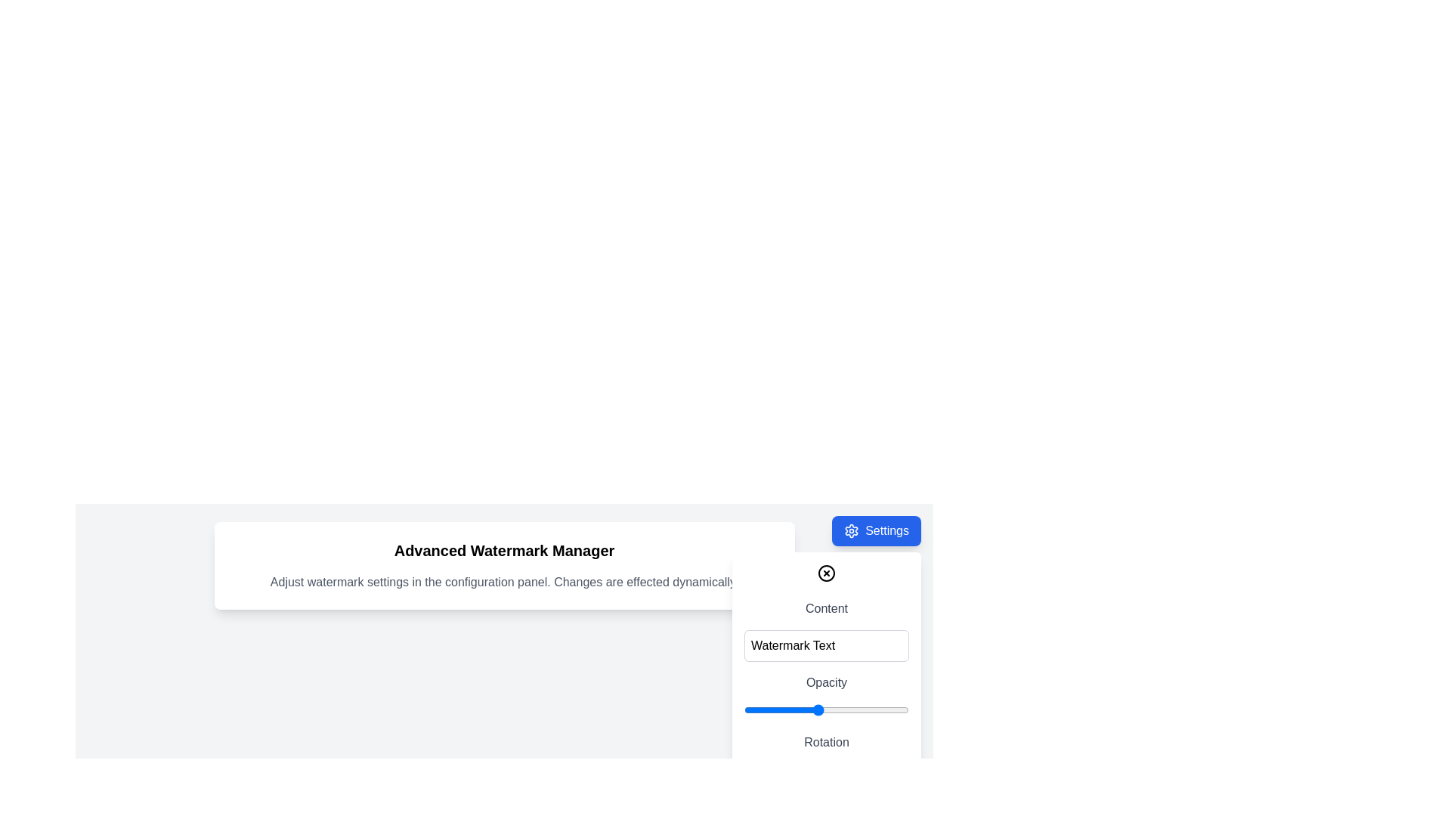 This screenshot has height=816, width=1451. I want to click on rotation angle, so click(842, 769).